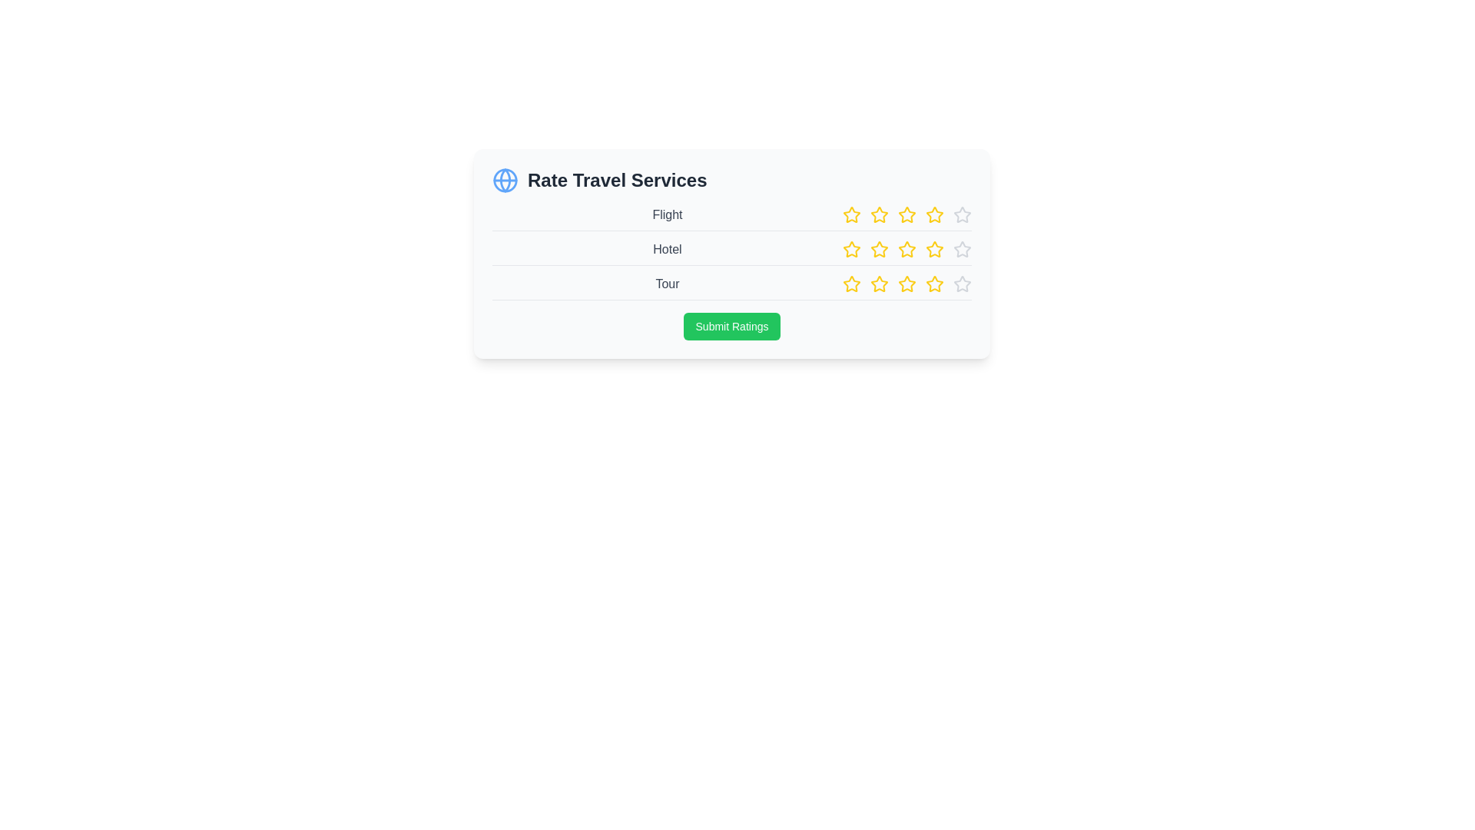 Image resolution: width=1475 pixels, height=830 pixels. I want to click on the second star icon in the 'Flight' rating row, so click(880, 214).